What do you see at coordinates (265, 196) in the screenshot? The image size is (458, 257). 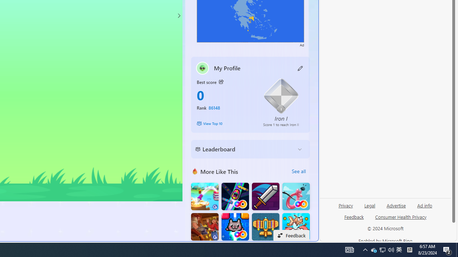 I see `'Dungeon Master Knight'` at bounding box center [265, 196].